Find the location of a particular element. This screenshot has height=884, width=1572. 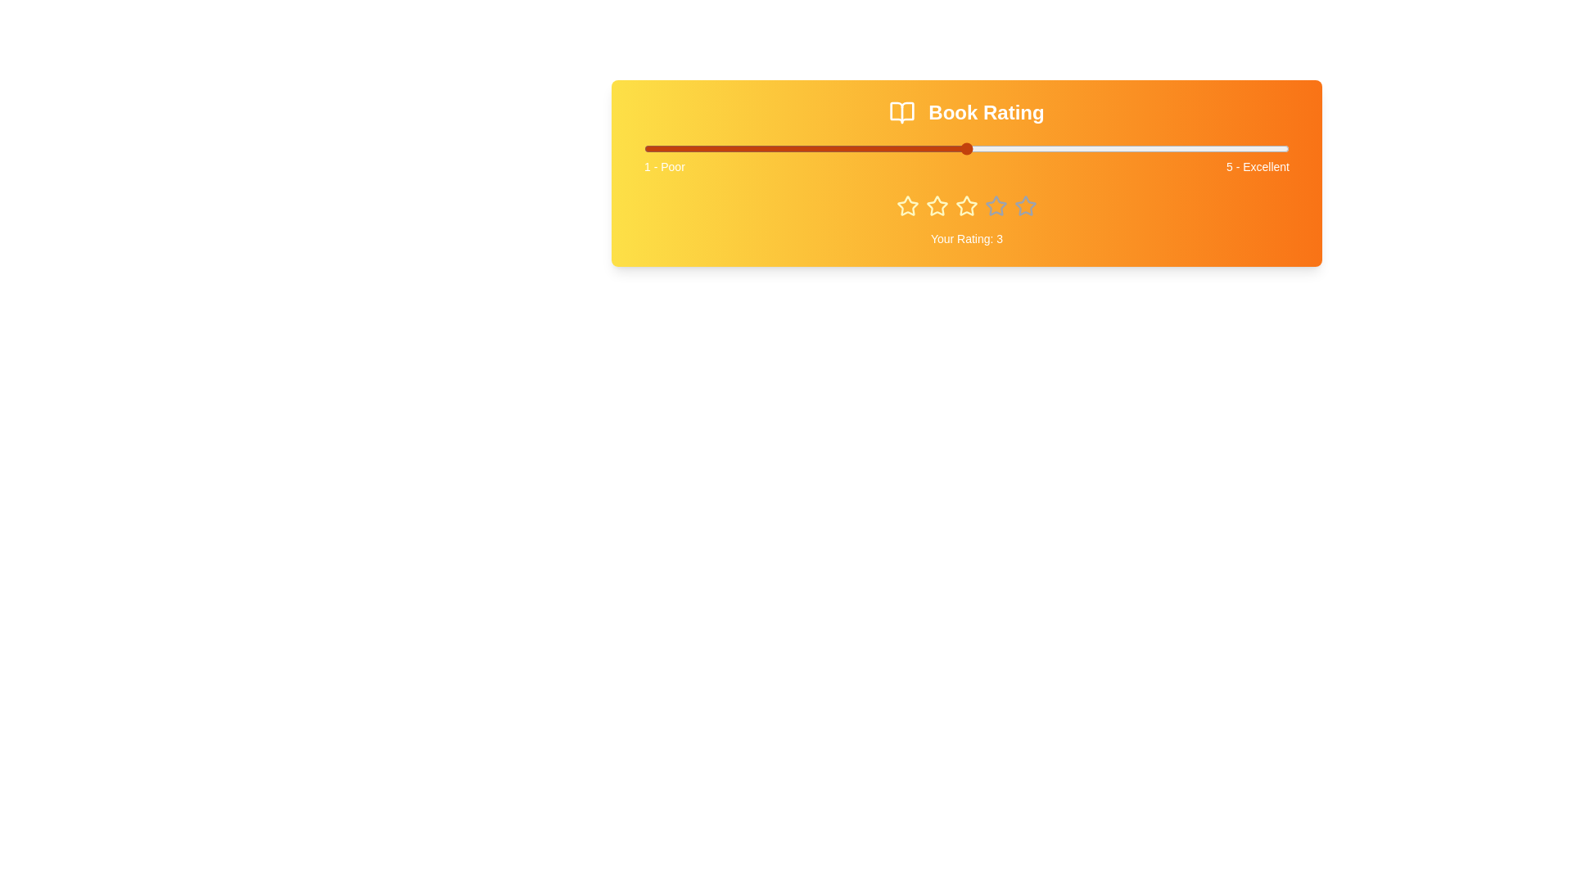

the rating slider is located at coordinates (805, 148).